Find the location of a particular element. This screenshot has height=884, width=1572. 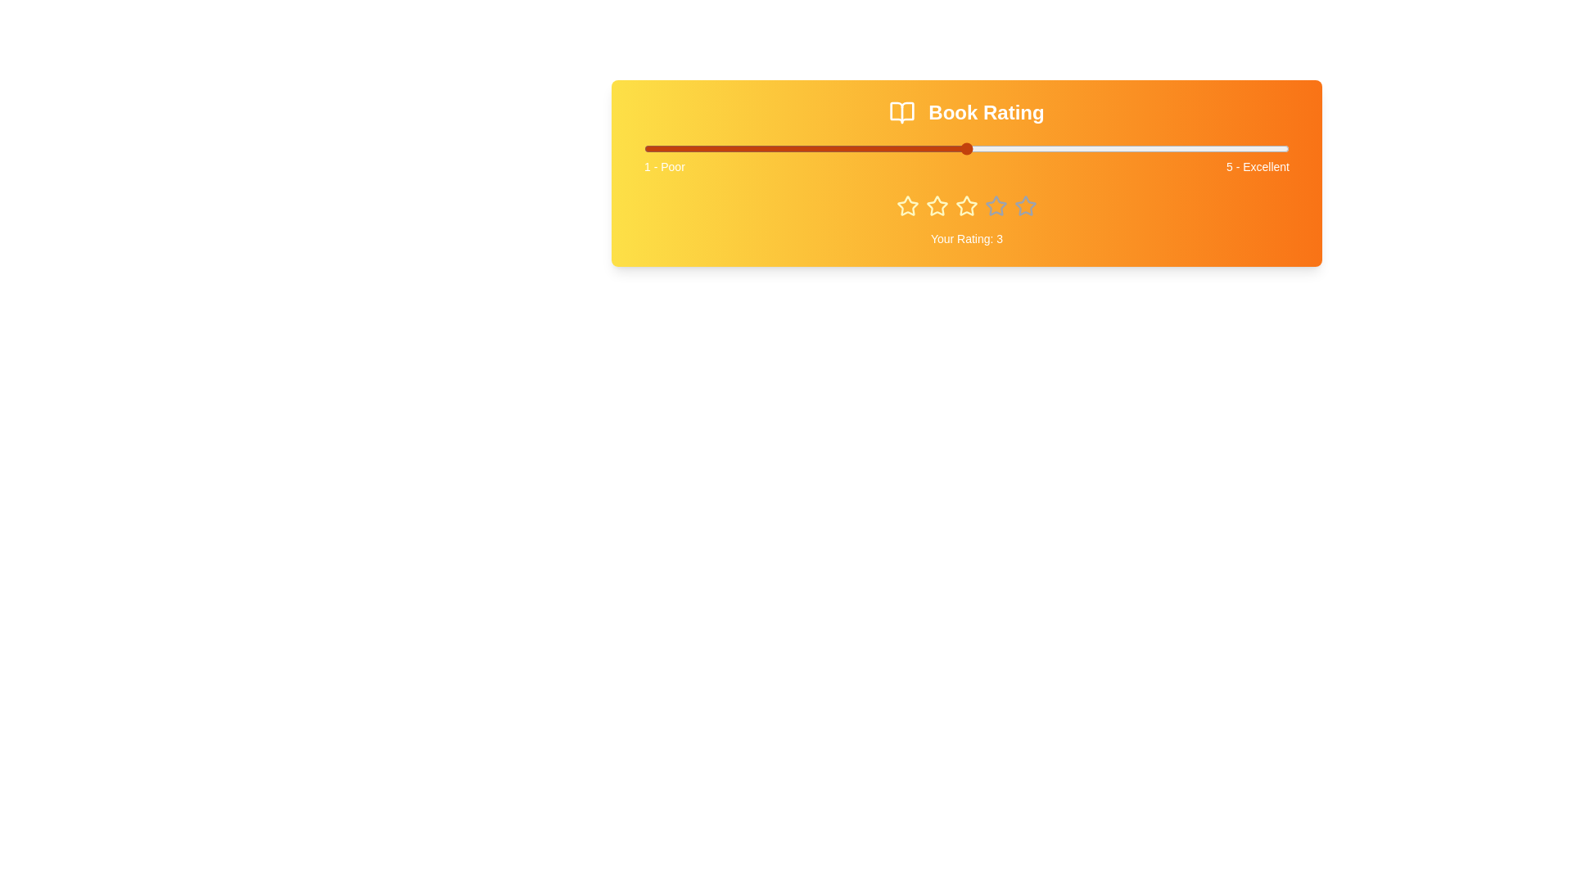

the rating slider is located at coordinates (805, 148).